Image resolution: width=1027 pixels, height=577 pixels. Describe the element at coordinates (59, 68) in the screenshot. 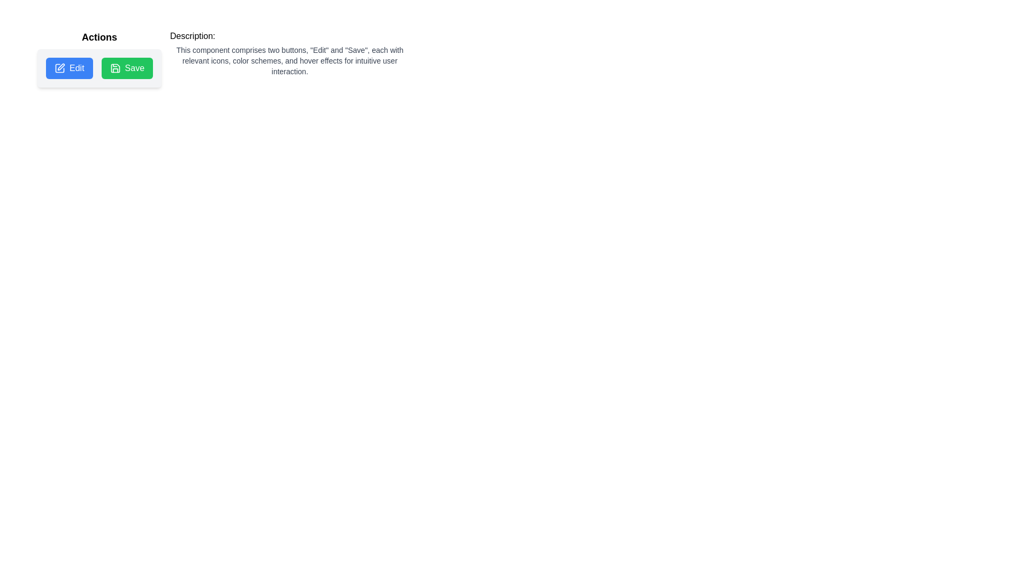

I see `the 'Edit' SVG icon, which visually reinforces the 'Edit' action and is positioned to the left of the 'Edit' text` at that location.